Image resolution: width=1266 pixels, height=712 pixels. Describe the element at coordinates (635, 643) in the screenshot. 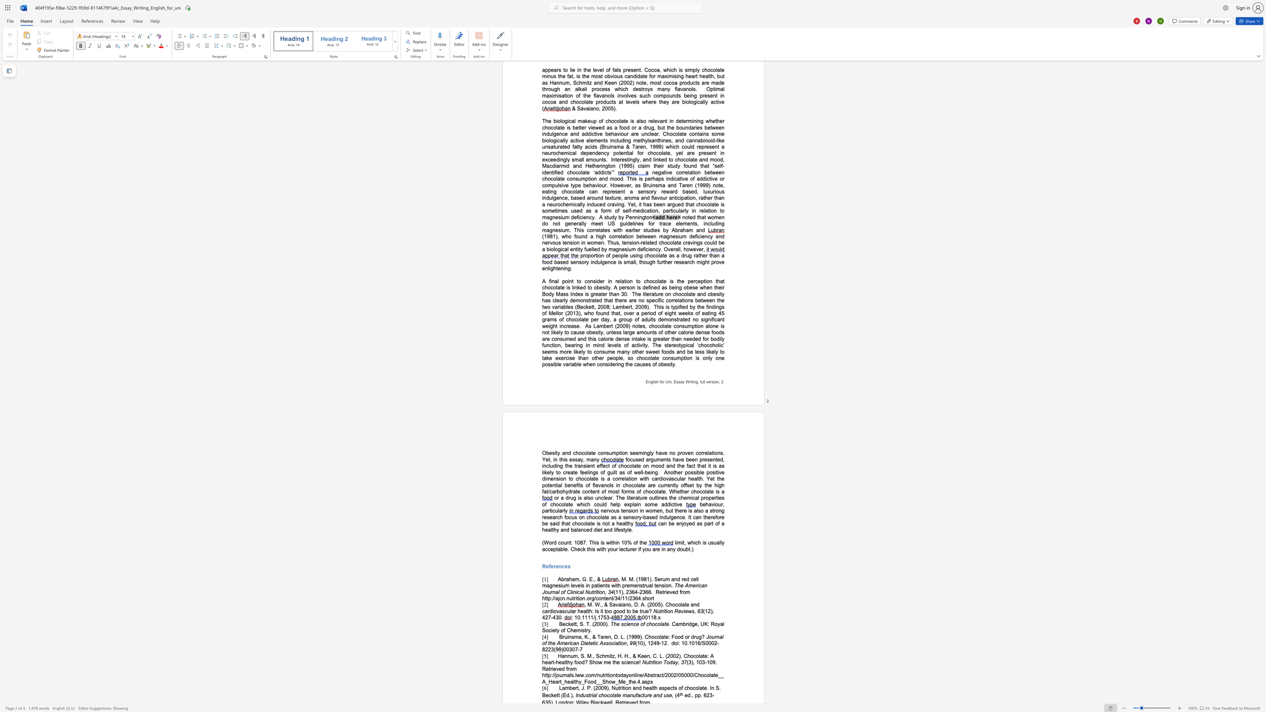

I see `the subset text "(10" within the text "(10), 1249-12."` at that location.